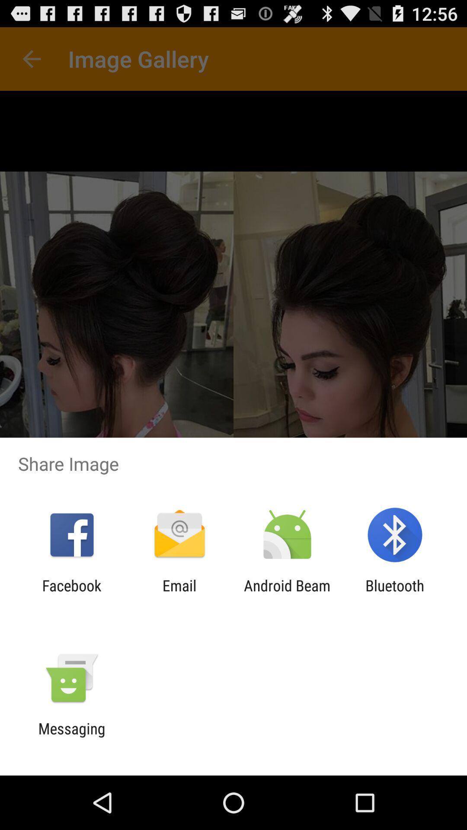  What do you see at coordinates (71, 594) in the screenshot?
I see `the facebook` at bounding box center [71, 594].